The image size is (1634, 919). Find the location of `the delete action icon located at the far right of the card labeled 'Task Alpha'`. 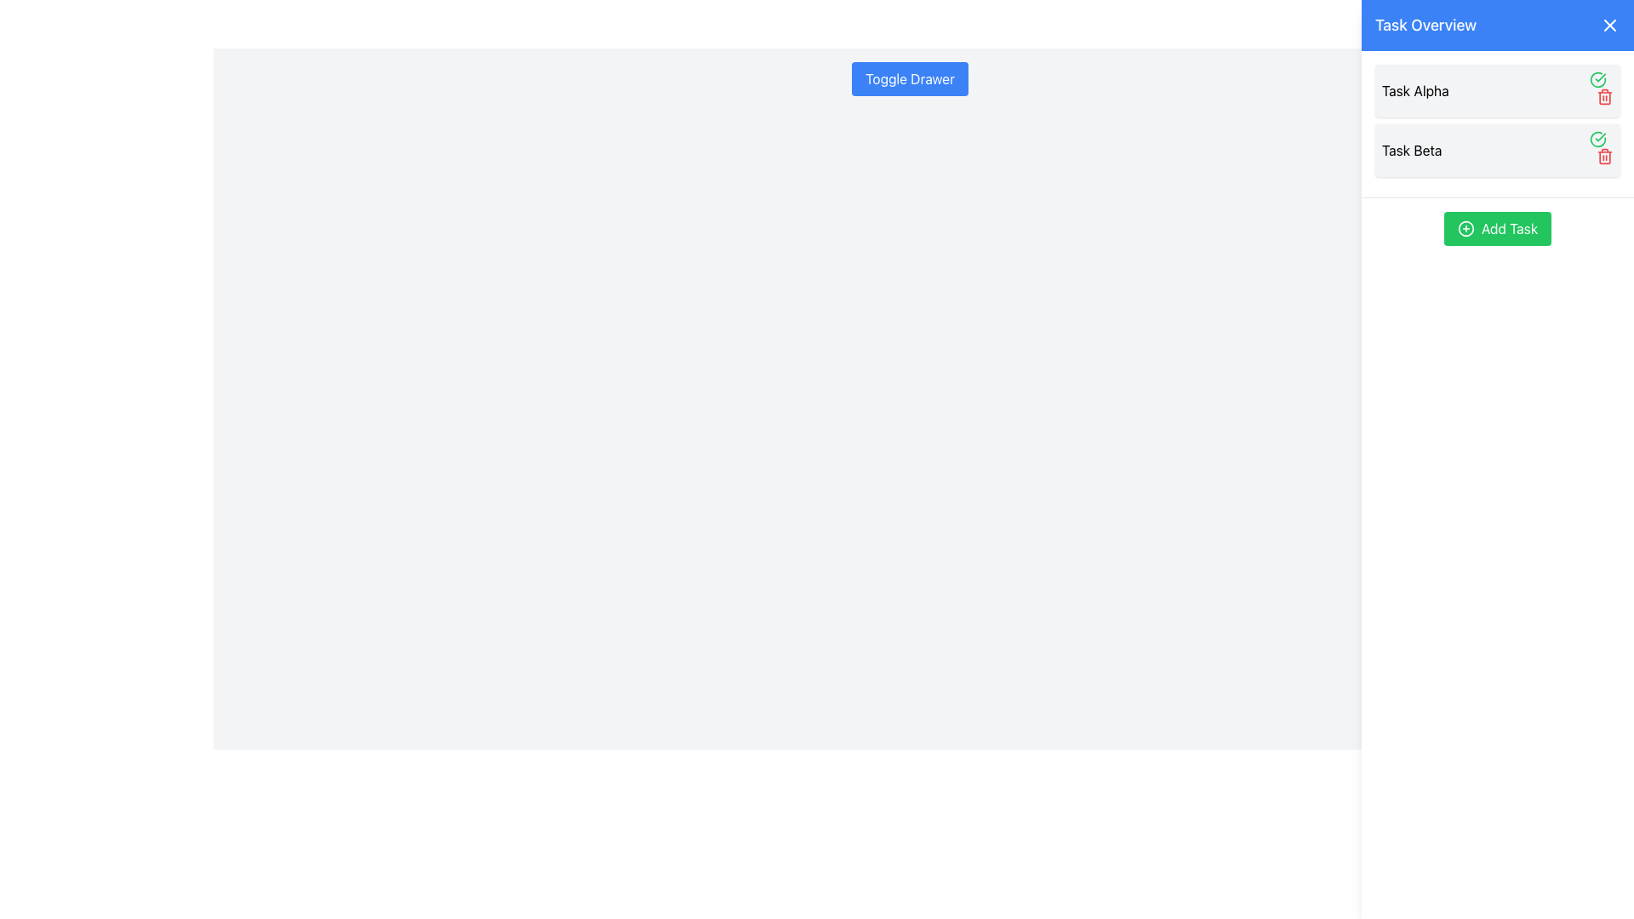

the delete action icon located at the far right of the card labeled 'Task Alpha' is located at coordinates (1600, 91).